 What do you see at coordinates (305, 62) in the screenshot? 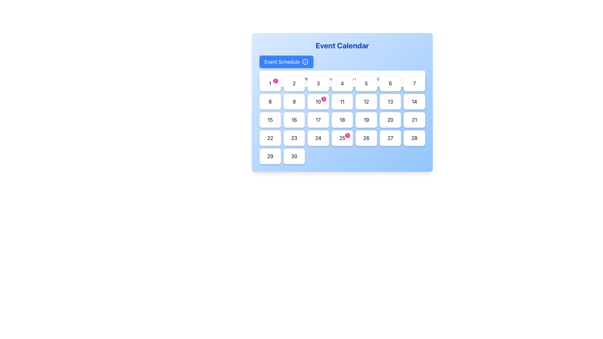
I see `the circular information icon adjacent to the 'Event Schedule' button to observe its tooltip` at bounding box center [305, 62].